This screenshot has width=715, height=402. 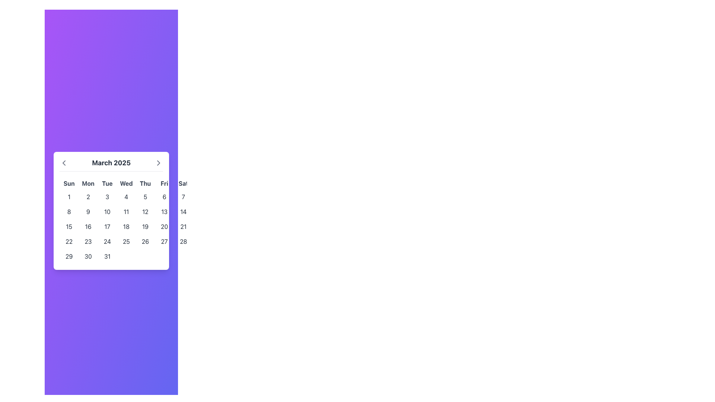 I want to click on the right arrow icon in the calendar header next to 'March 2025' to observe the styling change from gray to black, so click(x=158, y=162).